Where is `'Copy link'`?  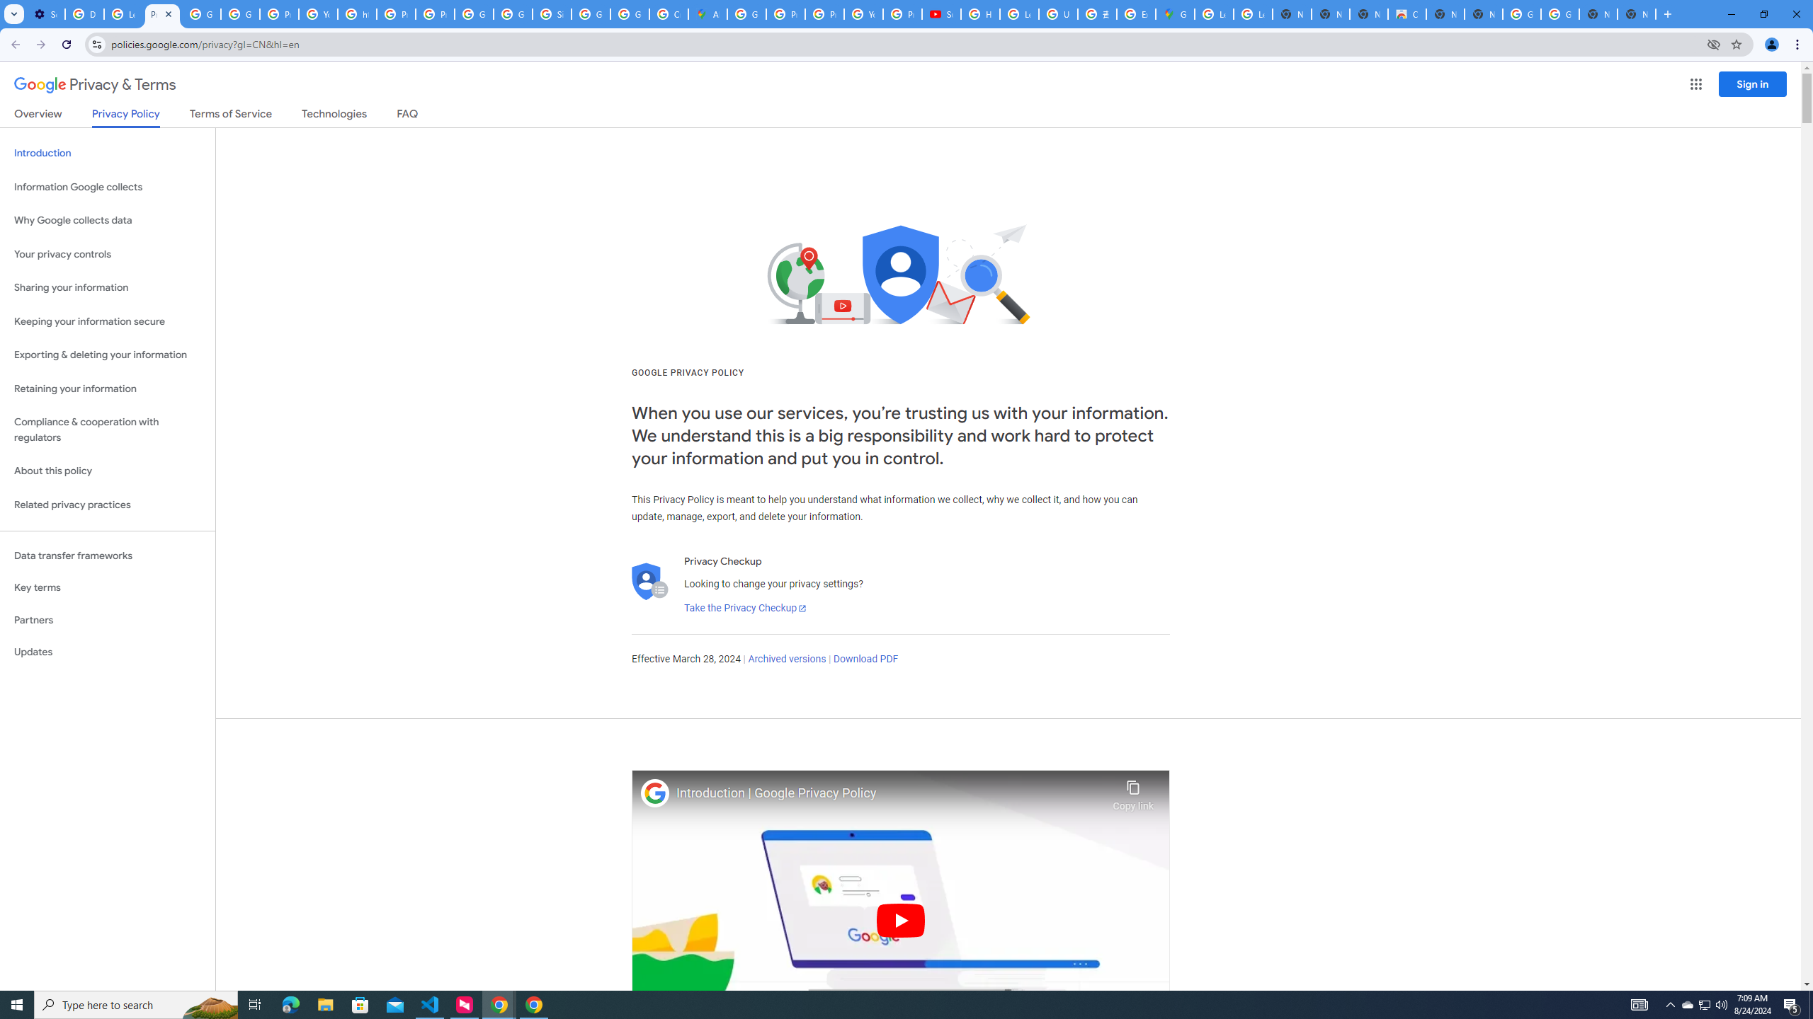 'Copy link' is located at coordinates (1132, 791).